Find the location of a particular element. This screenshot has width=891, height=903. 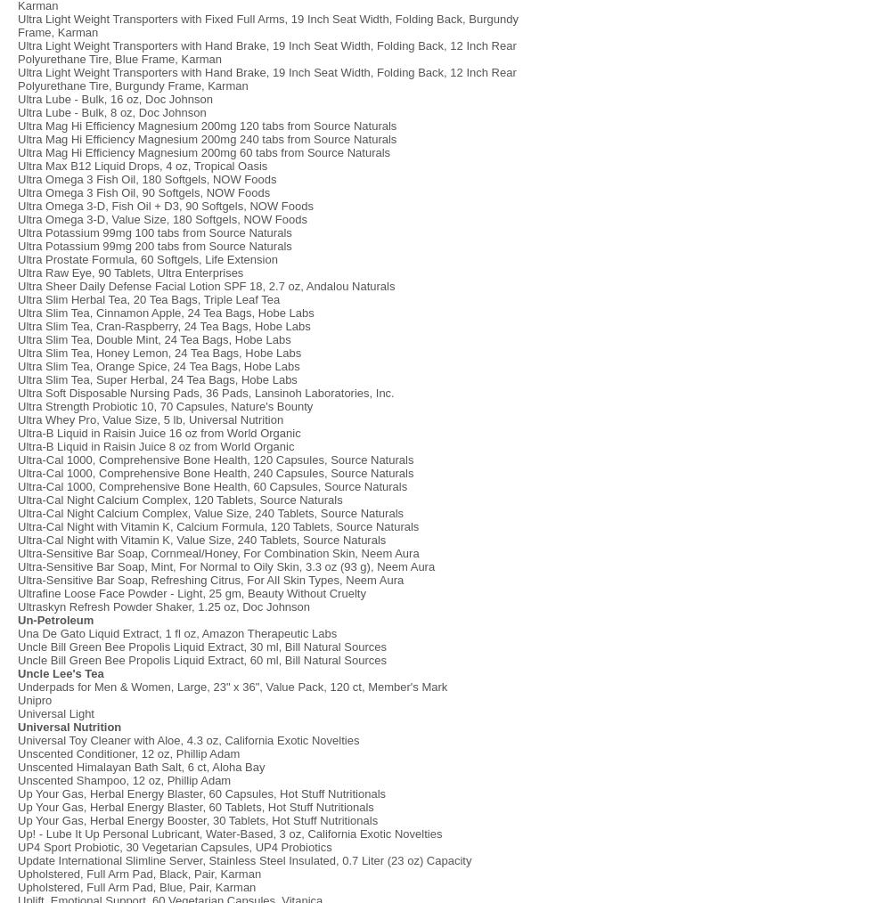

'Ultra Slim Tea, Double Mint, 24 Tea Bags, Hobe Labs' is located at coordinates (154, 338).